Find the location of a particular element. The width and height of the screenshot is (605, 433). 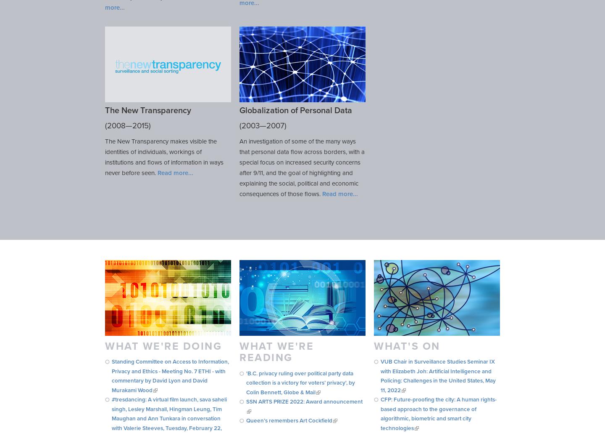

'2015' is located at coordinates (132, 126).